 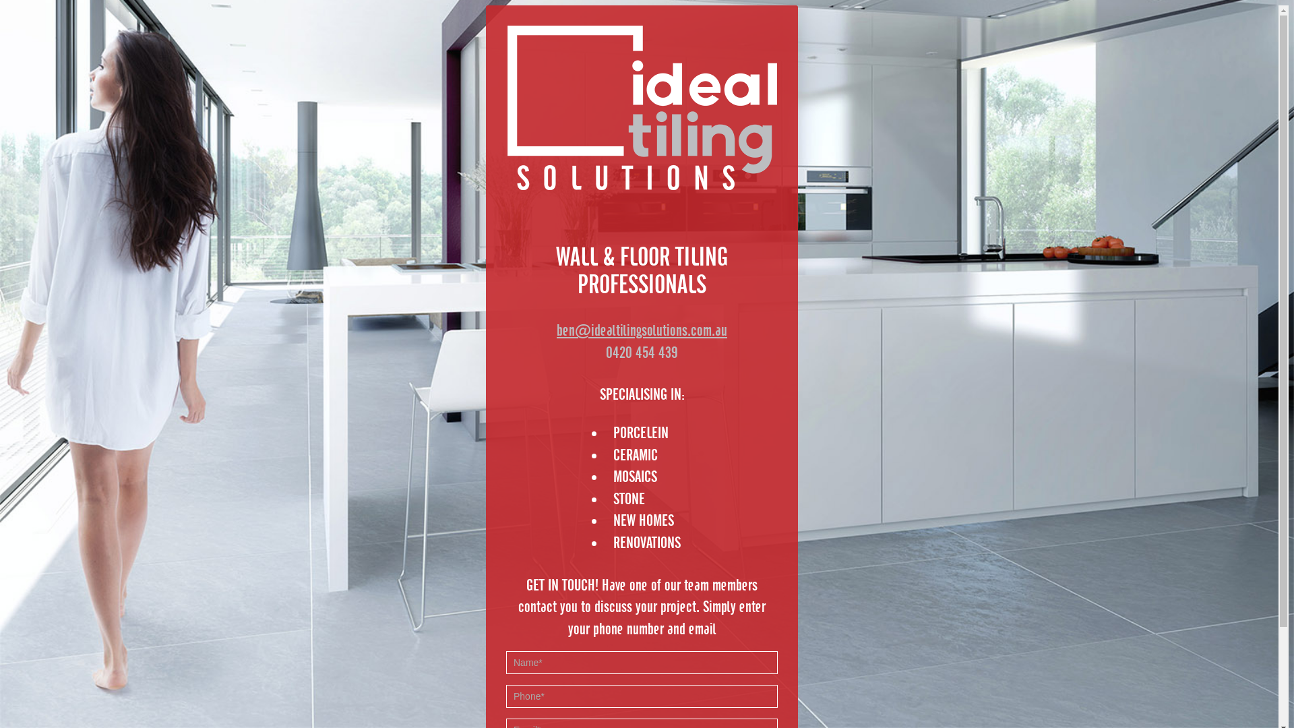 I want to click on 'ben@idealtilingsolutions.com.au', so click(x=556, y=330).